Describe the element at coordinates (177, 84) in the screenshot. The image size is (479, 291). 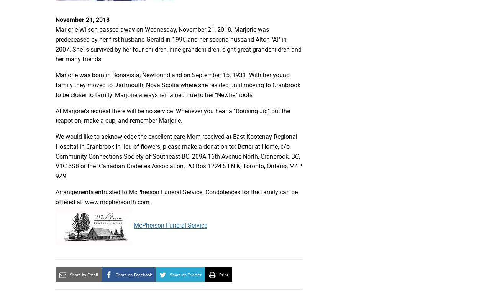
I see `'Marjorie was born in Bonavista, Newfoundland on September 15, 1931. With her young family they moved to Dartmouth, Nova Scotia where she resided until moving to Cranbrook to be closer to family. Marjorie always remained true to her "Newfie" roots.'` at that location.